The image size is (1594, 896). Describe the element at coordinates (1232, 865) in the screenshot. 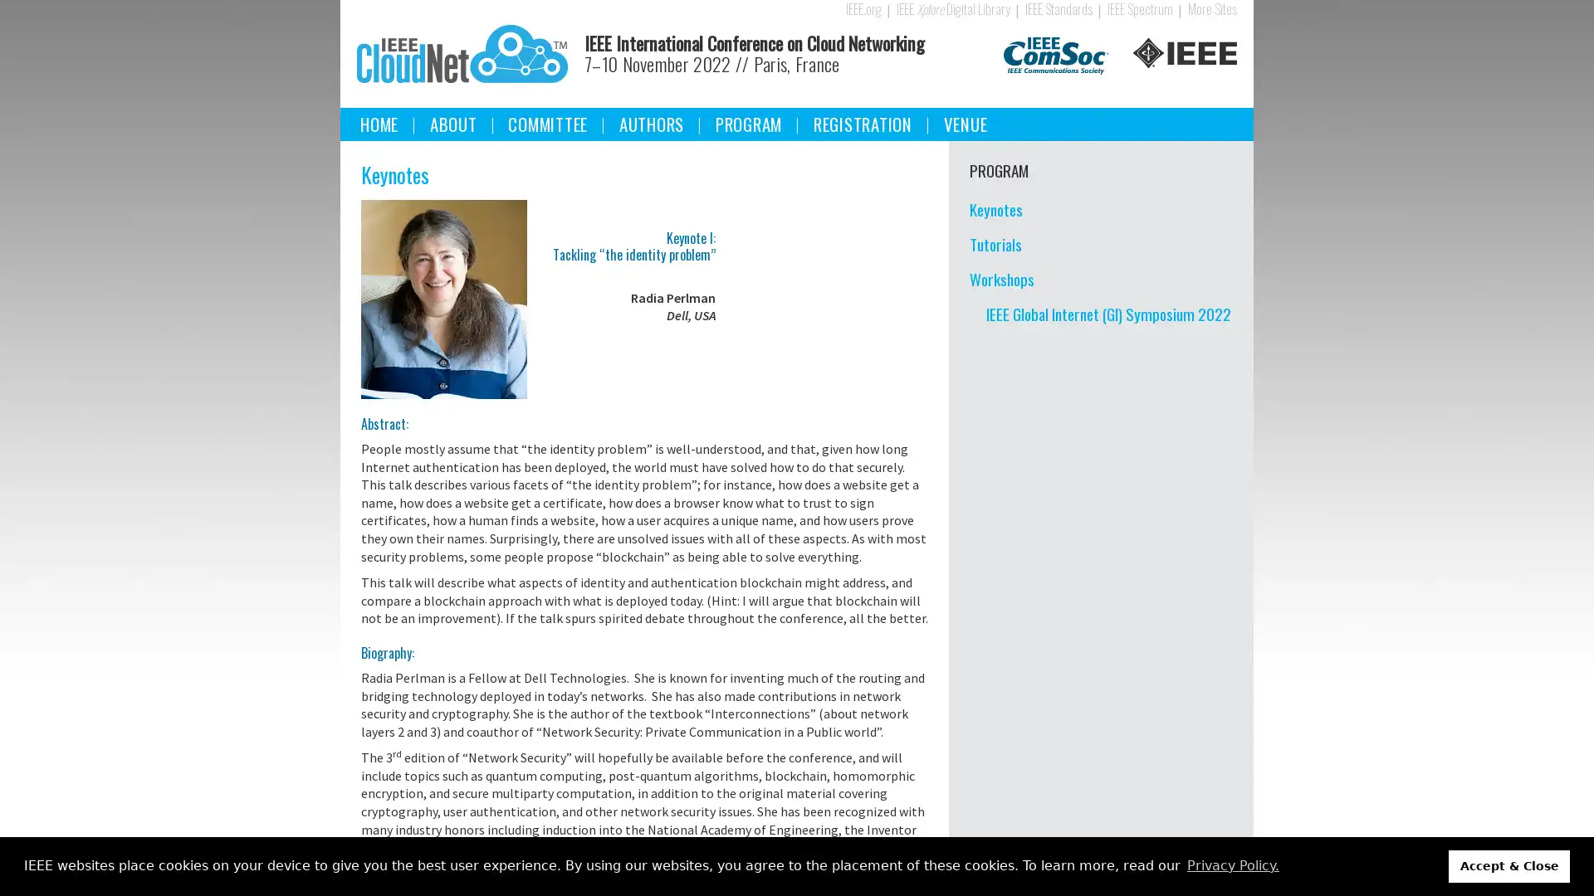

I see `learn more about cookies` at that location.